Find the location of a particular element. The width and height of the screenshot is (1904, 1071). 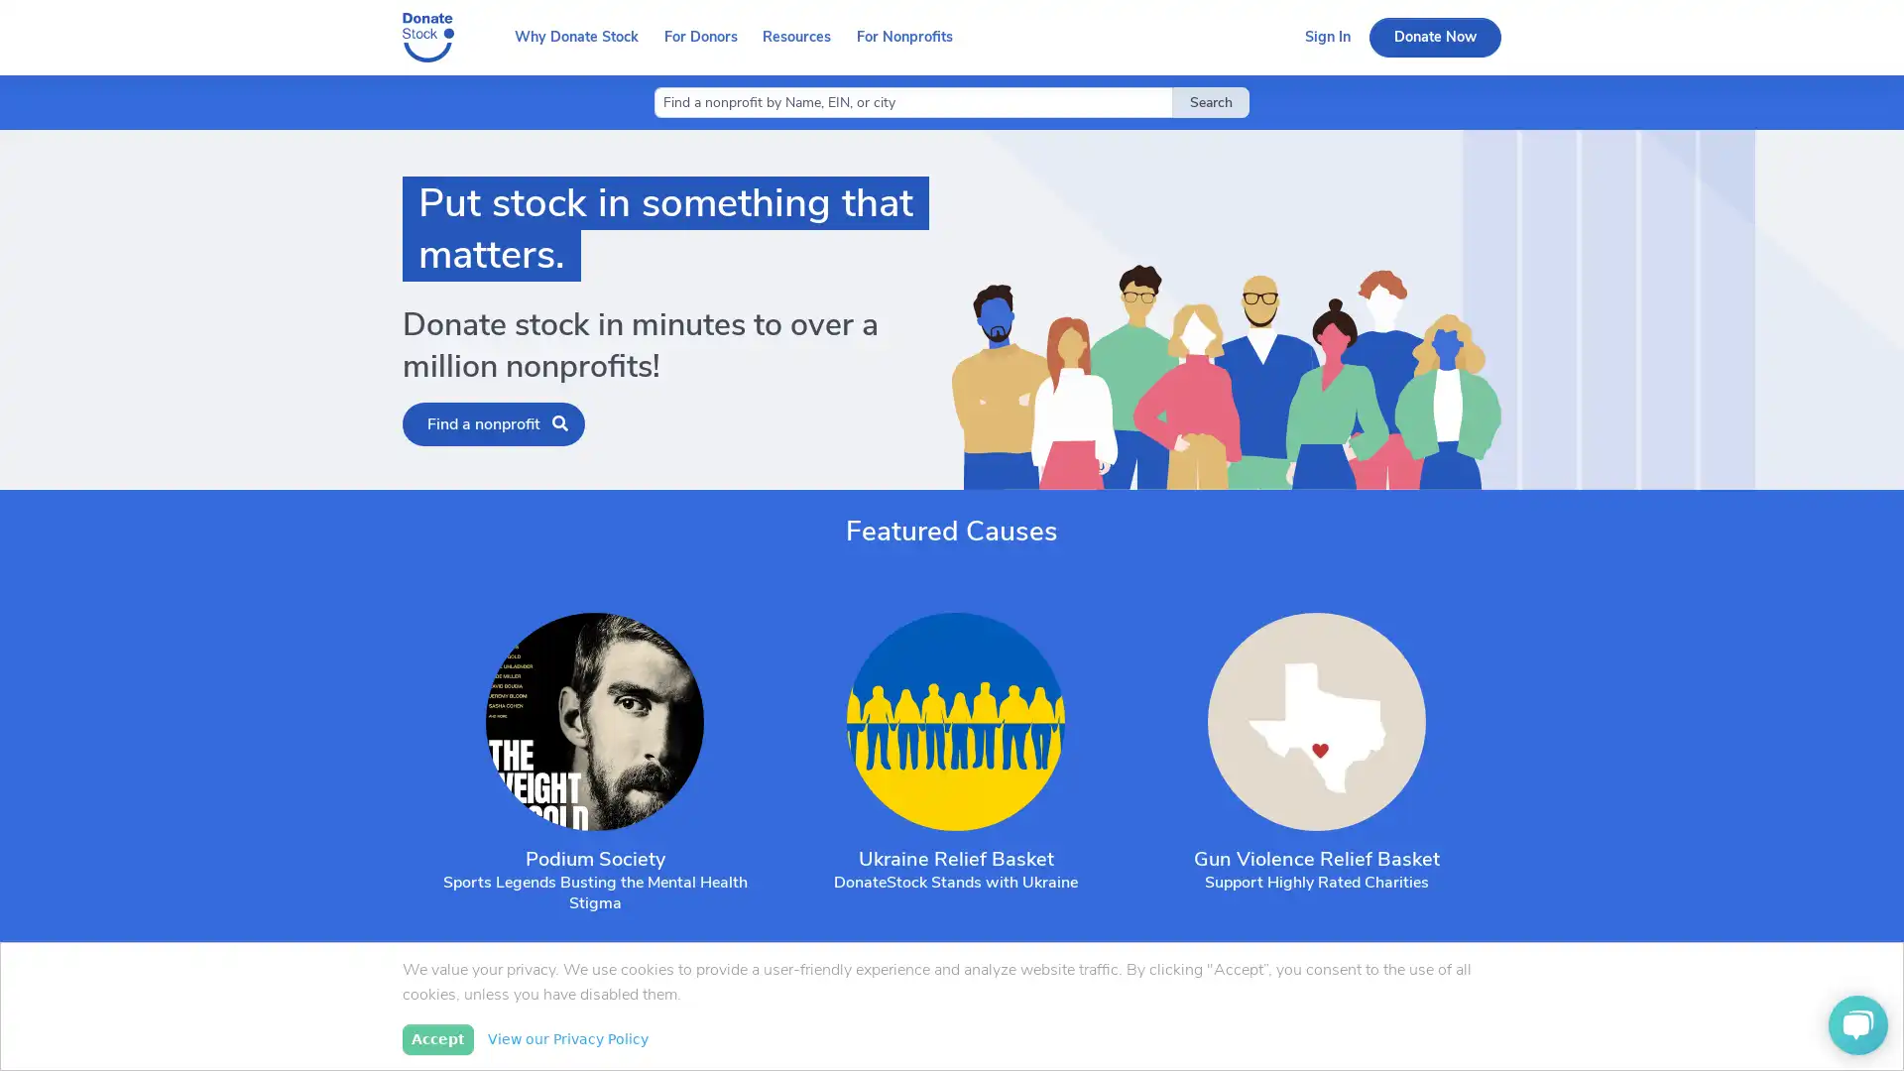

Search is located at coordinates (1210, 102).